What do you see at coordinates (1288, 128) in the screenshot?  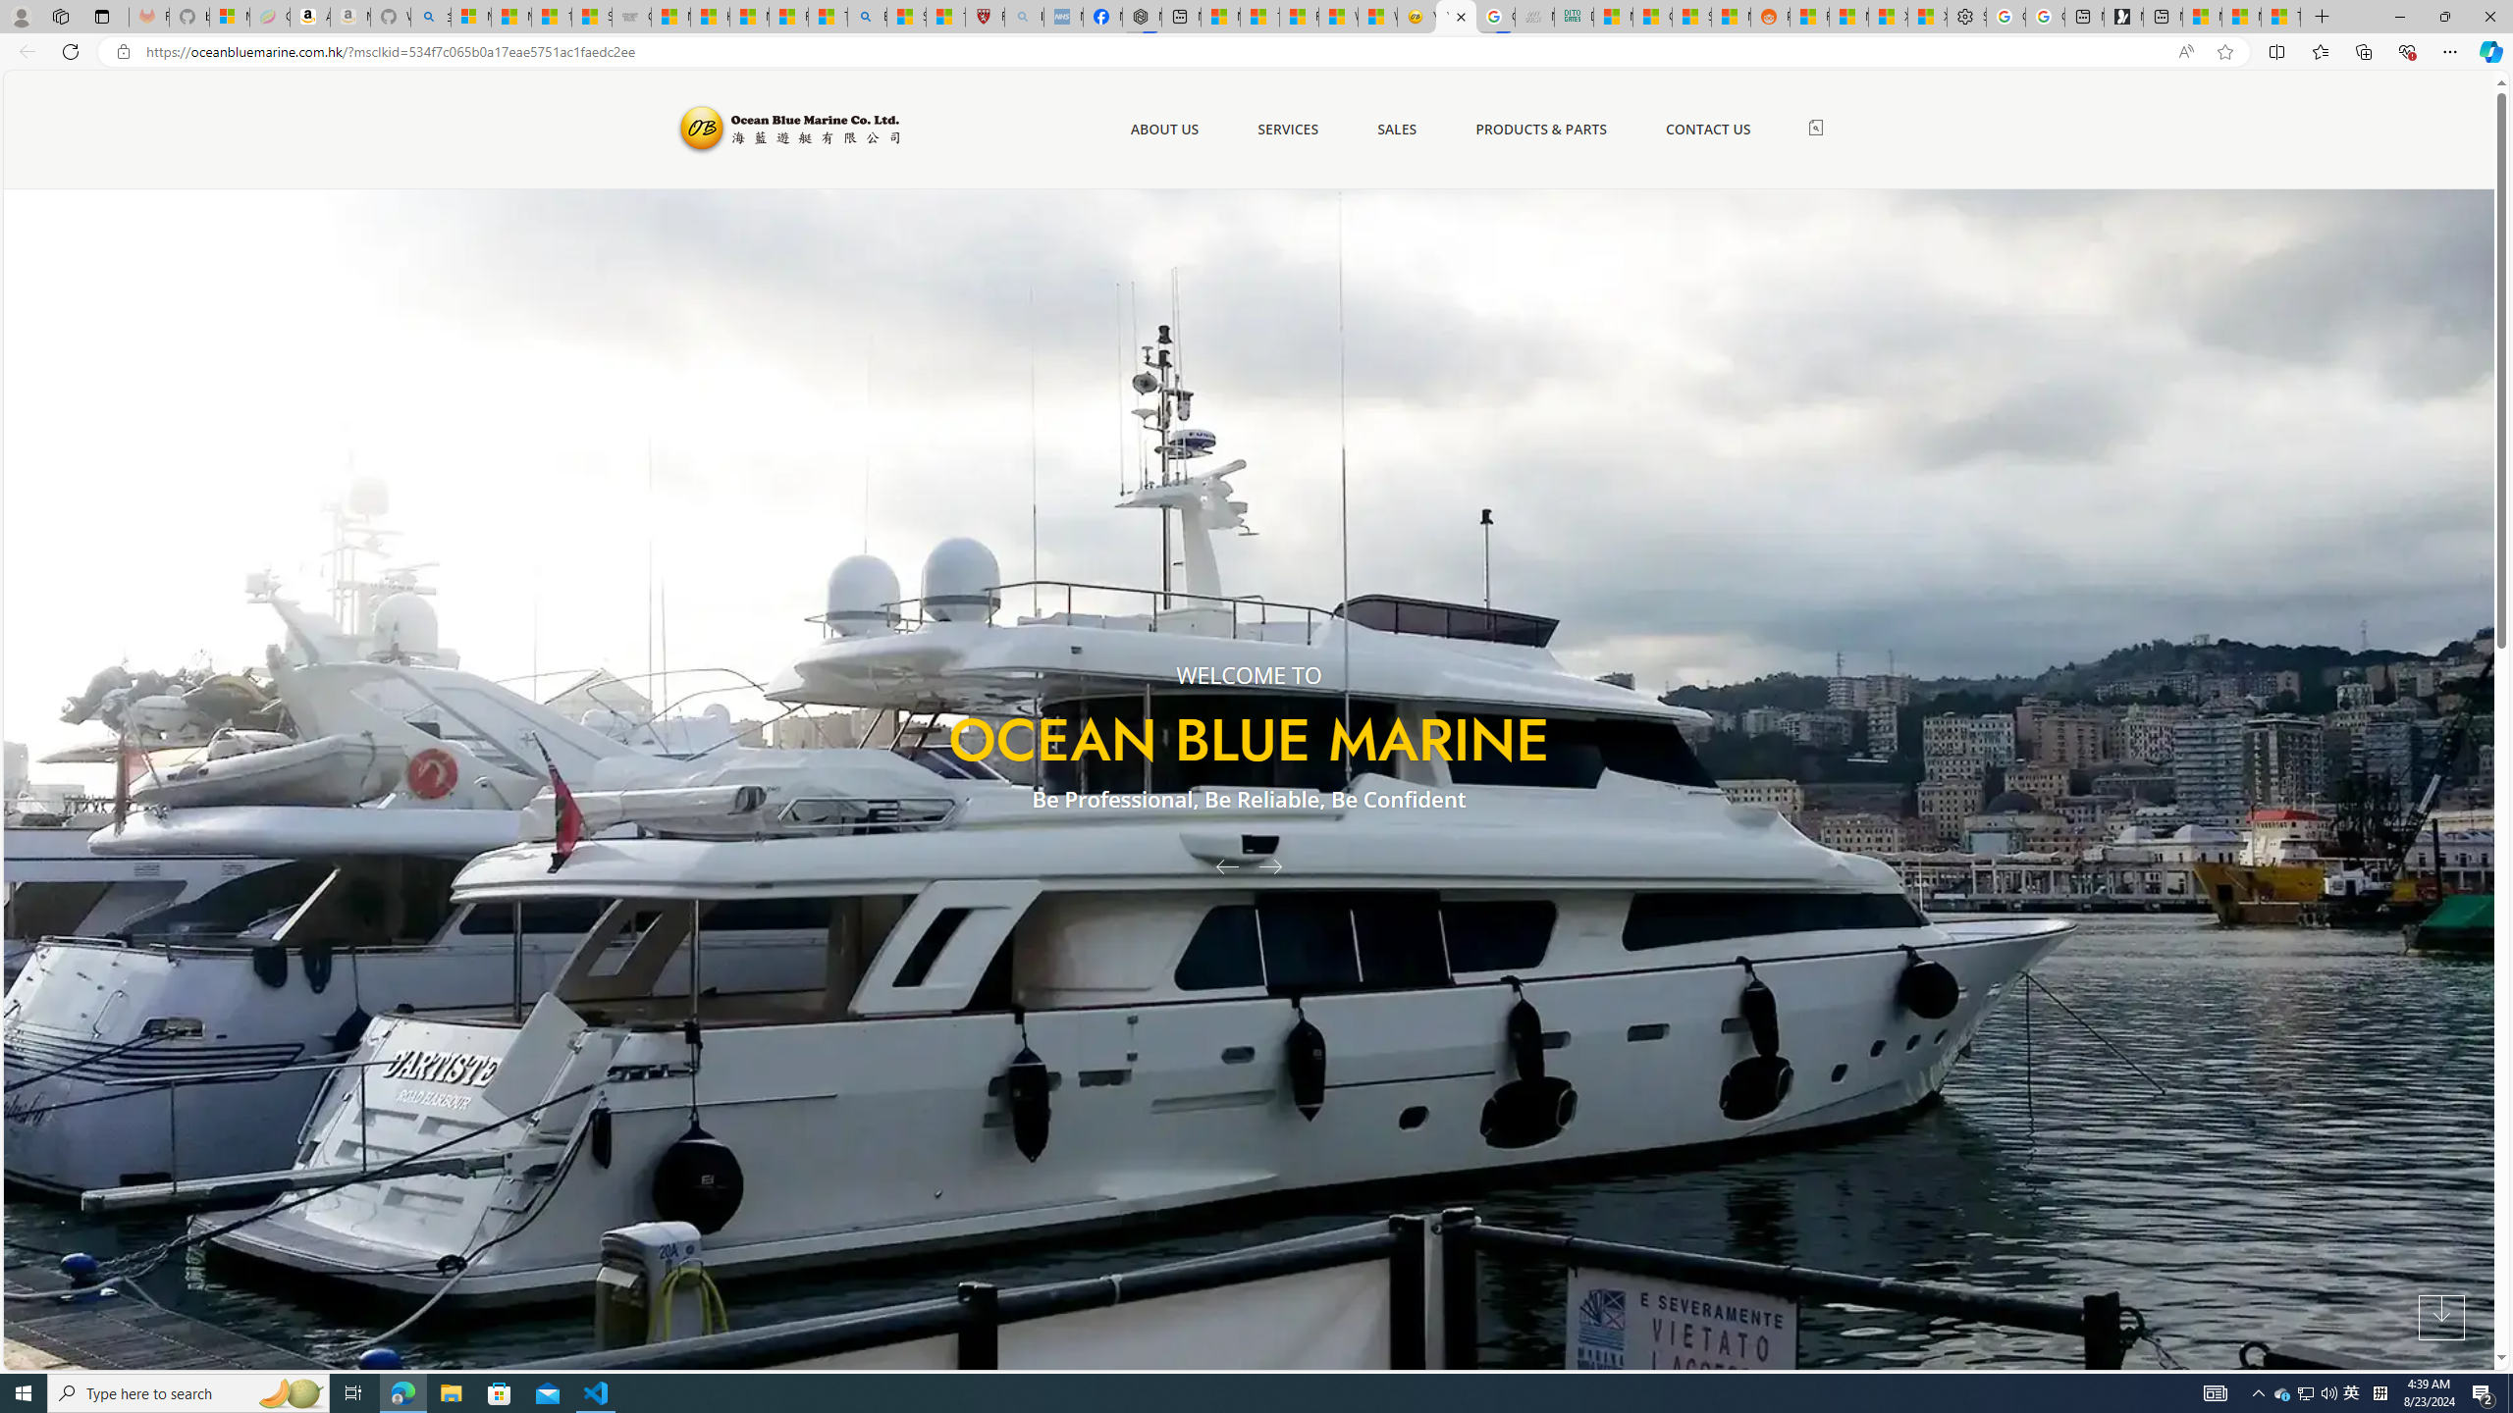 I see `'SERVICES'` at bounding box center [1288, 128].